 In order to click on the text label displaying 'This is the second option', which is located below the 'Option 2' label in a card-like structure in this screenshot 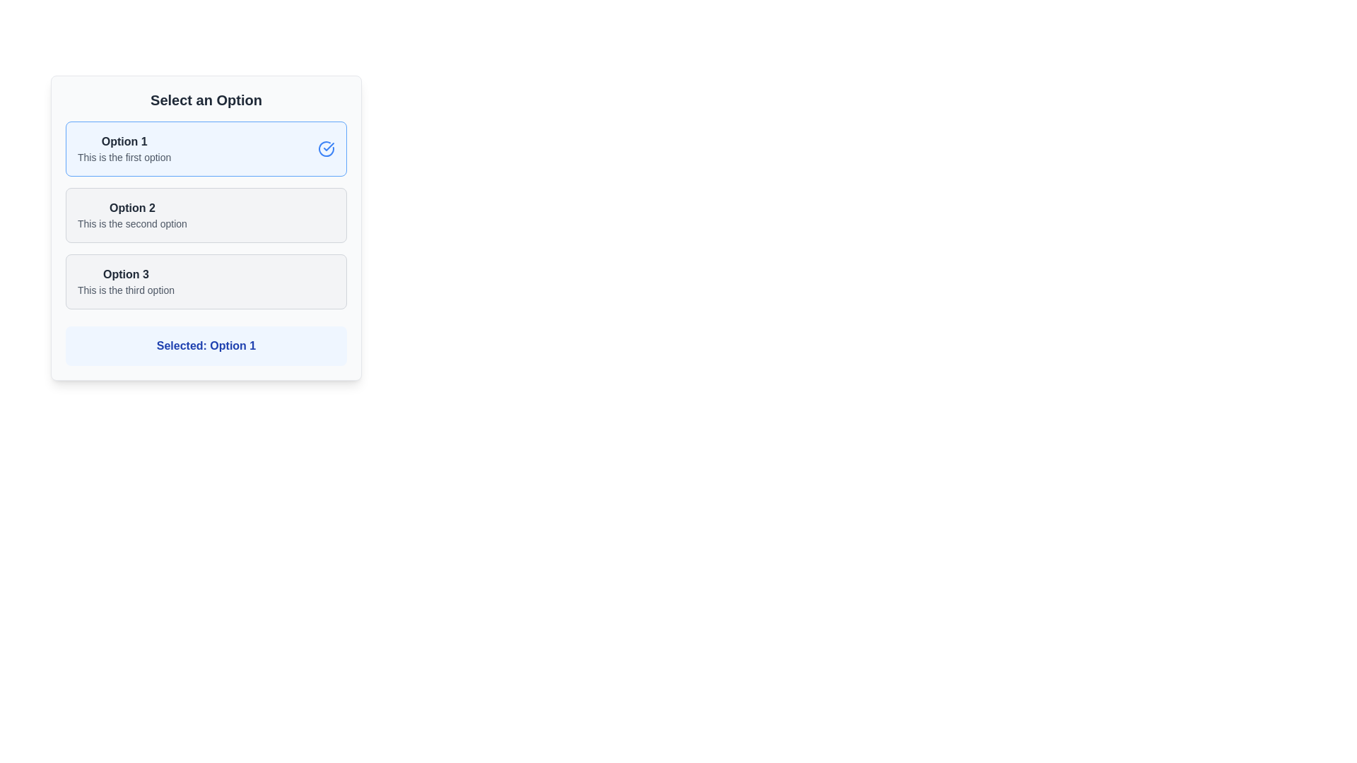, I will do `click(132, 223)`.